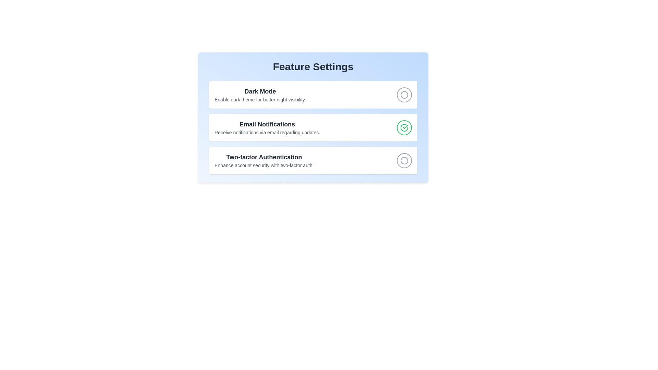 This screenshot has height=370, width=658. What do you see at coordinates (404, 95) in the screenshot?
I see `the circular icon outline representing 'Two-factor Authentication' in the settings dialog interface` at bounding box center [404, 95].